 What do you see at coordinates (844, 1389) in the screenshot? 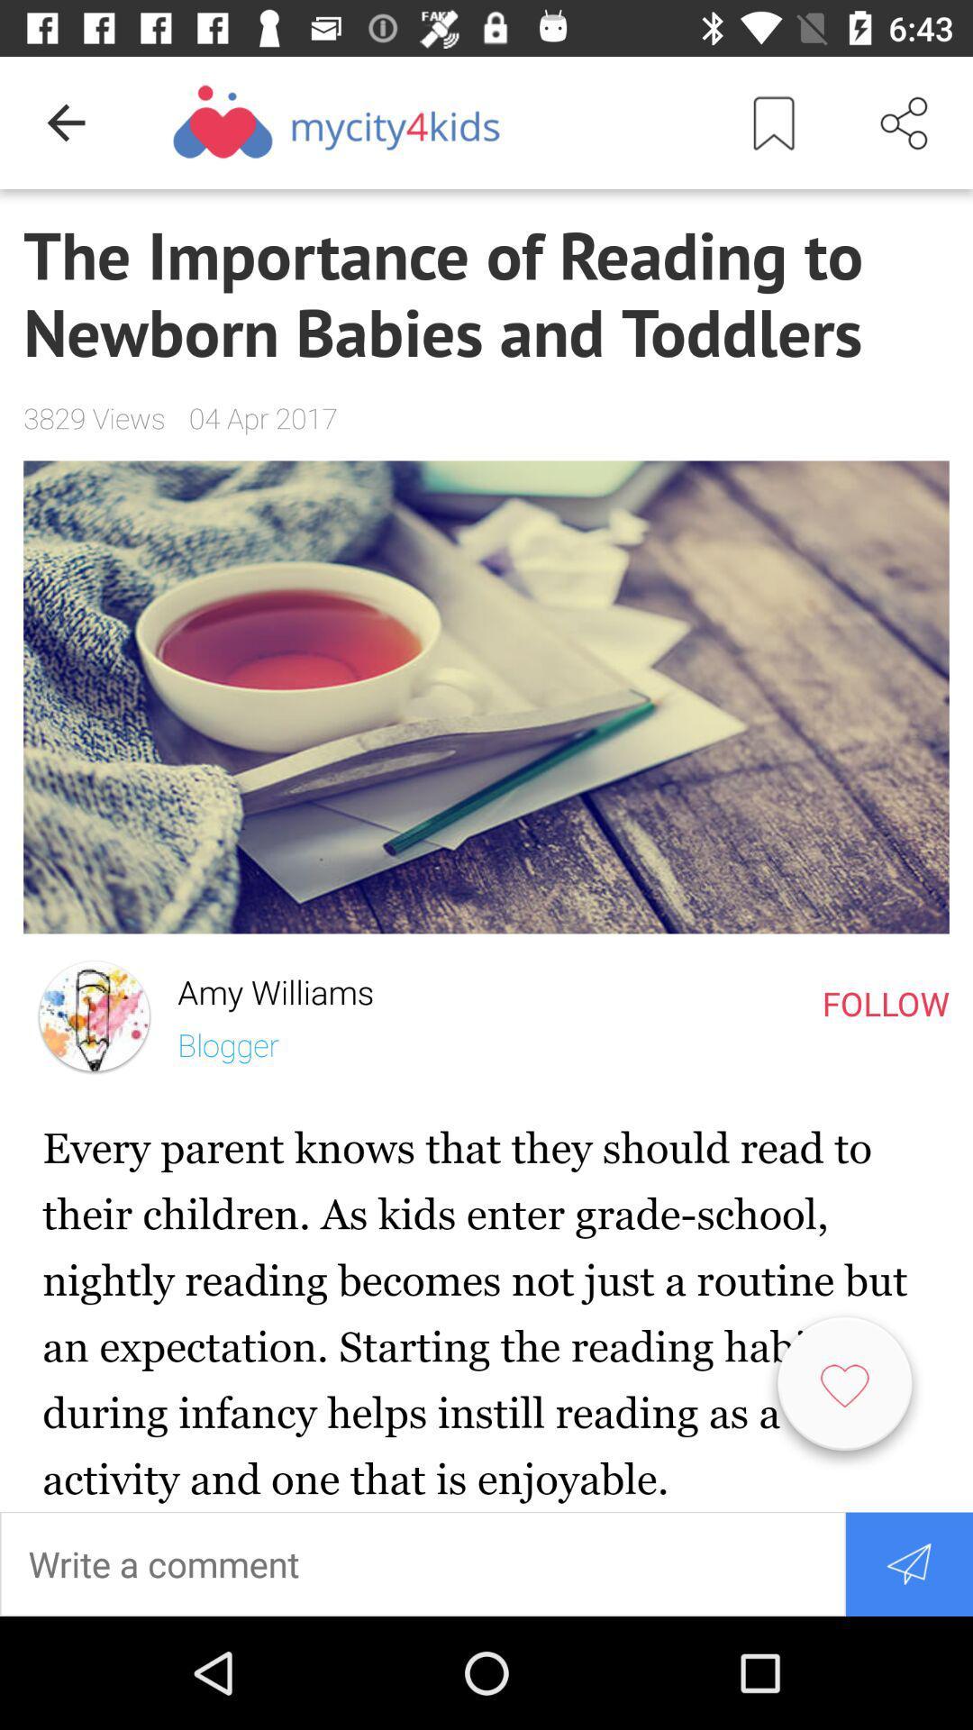
I see `the item below the follow icon` at bounding box center [844, 1389].